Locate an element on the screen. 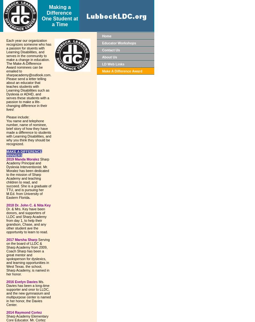  'Please include:' is located at coordinates (18, 116).